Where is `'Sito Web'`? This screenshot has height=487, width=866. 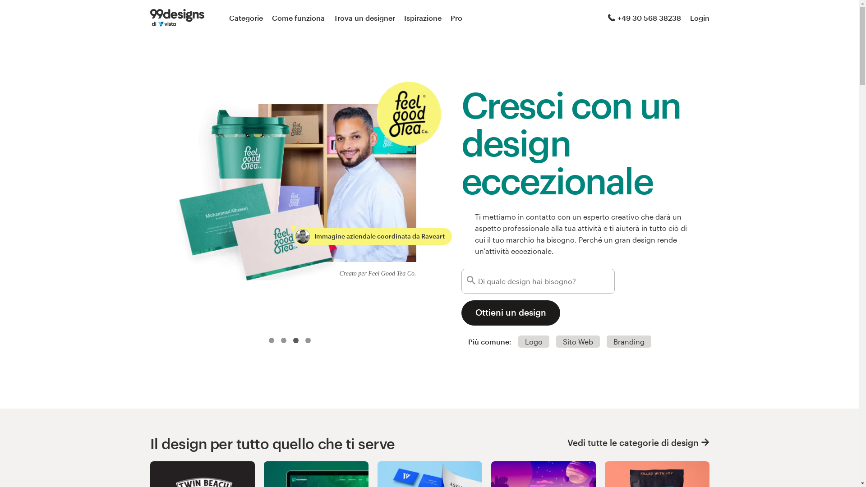 'Sito Web' is located at coordinates (577, 342).